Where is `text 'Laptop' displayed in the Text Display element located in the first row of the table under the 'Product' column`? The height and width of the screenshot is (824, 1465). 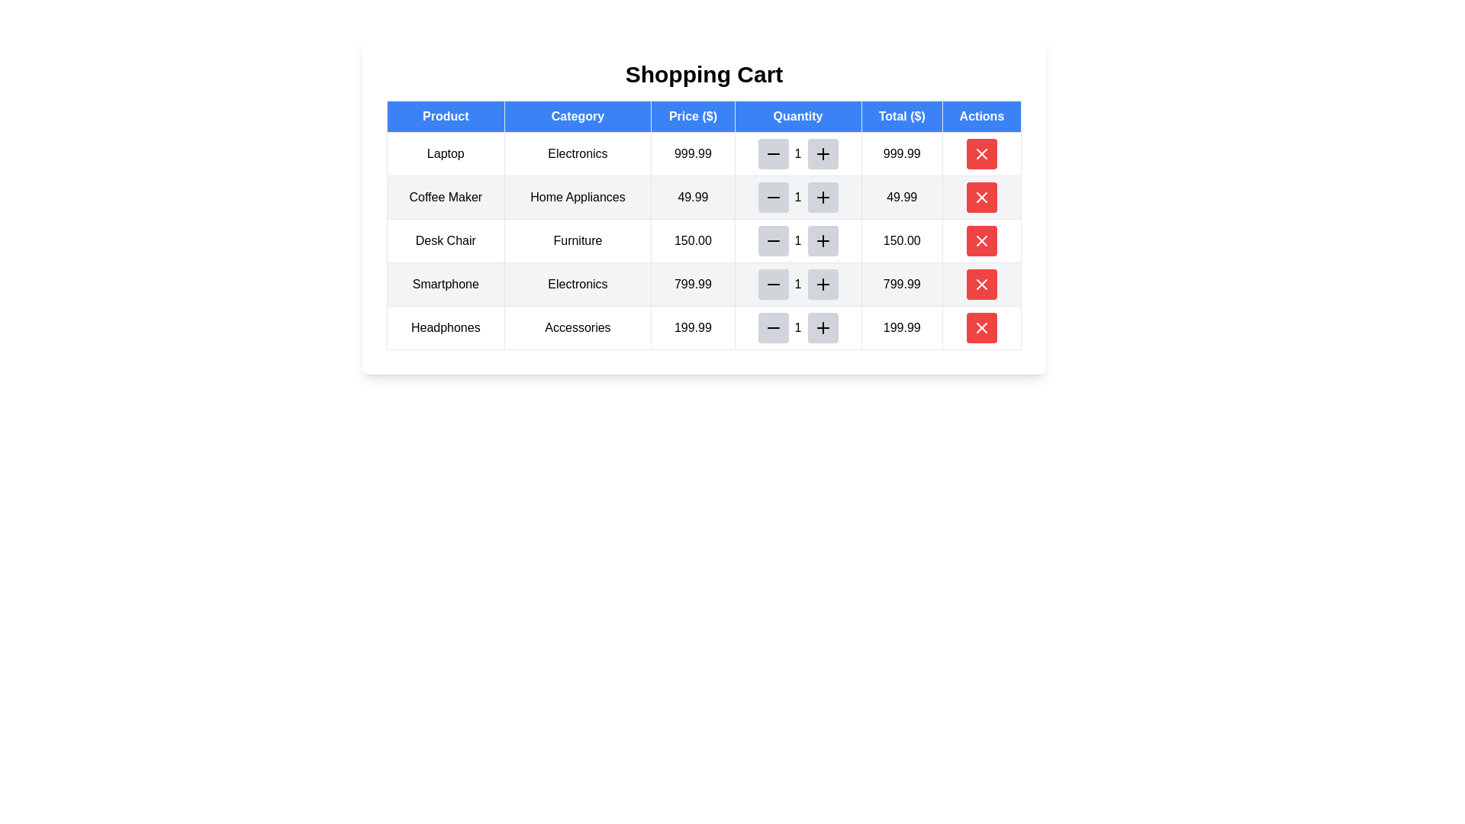 text 'Laptop' displayed in the Text Display element located in the first row of the table under the 'Product' column is located at coordinates (445, 153).